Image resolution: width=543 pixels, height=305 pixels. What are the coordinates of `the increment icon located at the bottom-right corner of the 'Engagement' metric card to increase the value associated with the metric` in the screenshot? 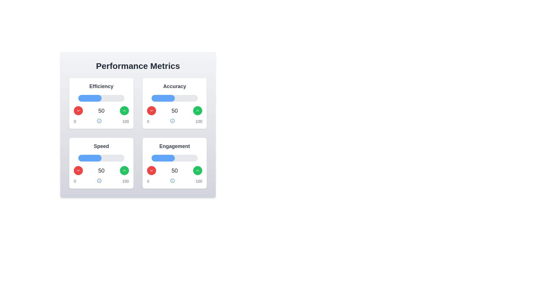 It's located at (124, 170).